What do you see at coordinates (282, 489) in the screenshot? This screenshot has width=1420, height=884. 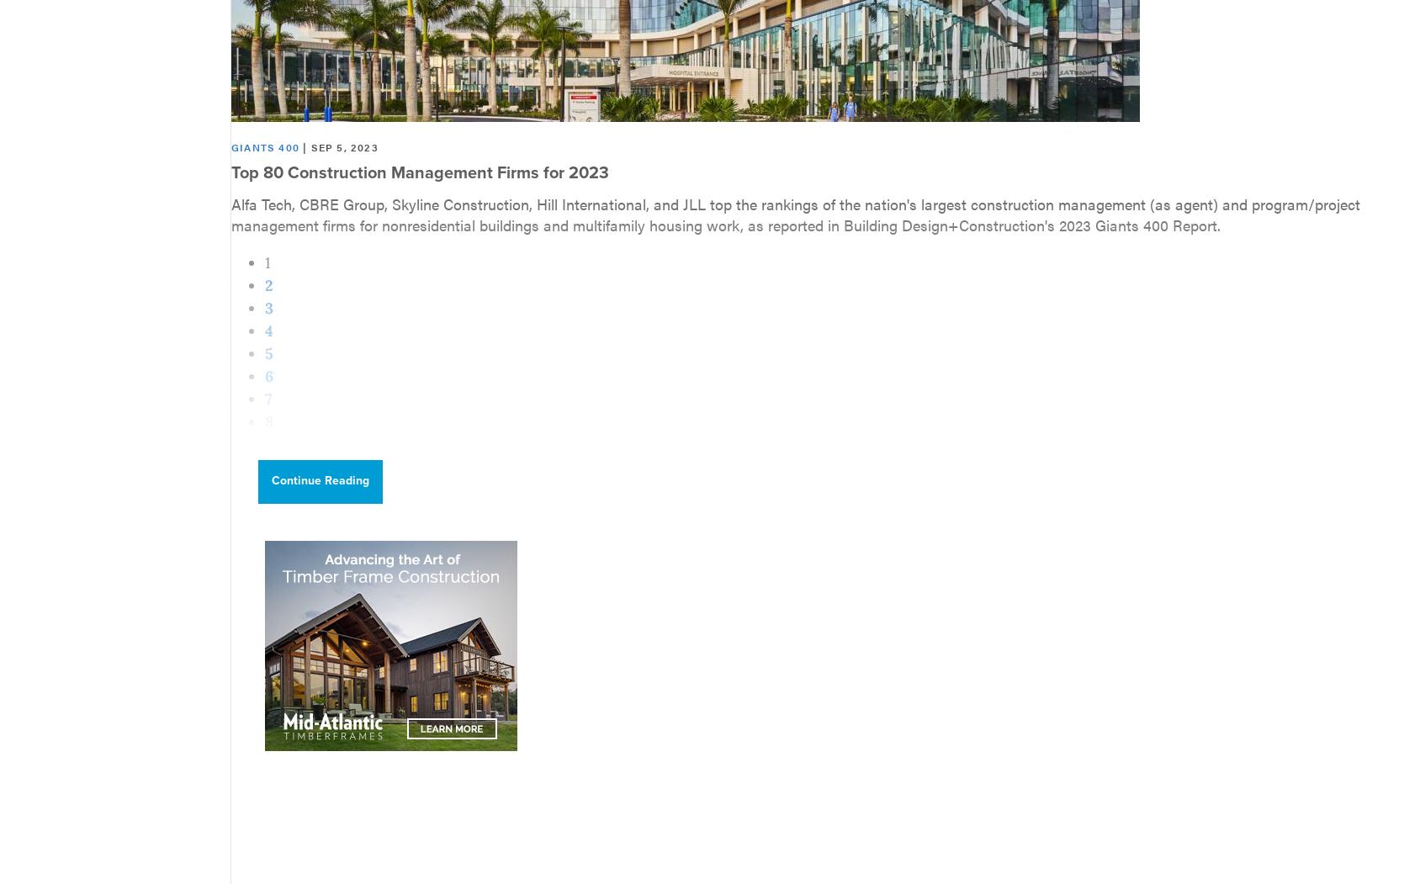 I see `'Next'` at bounding box center [282, 489].